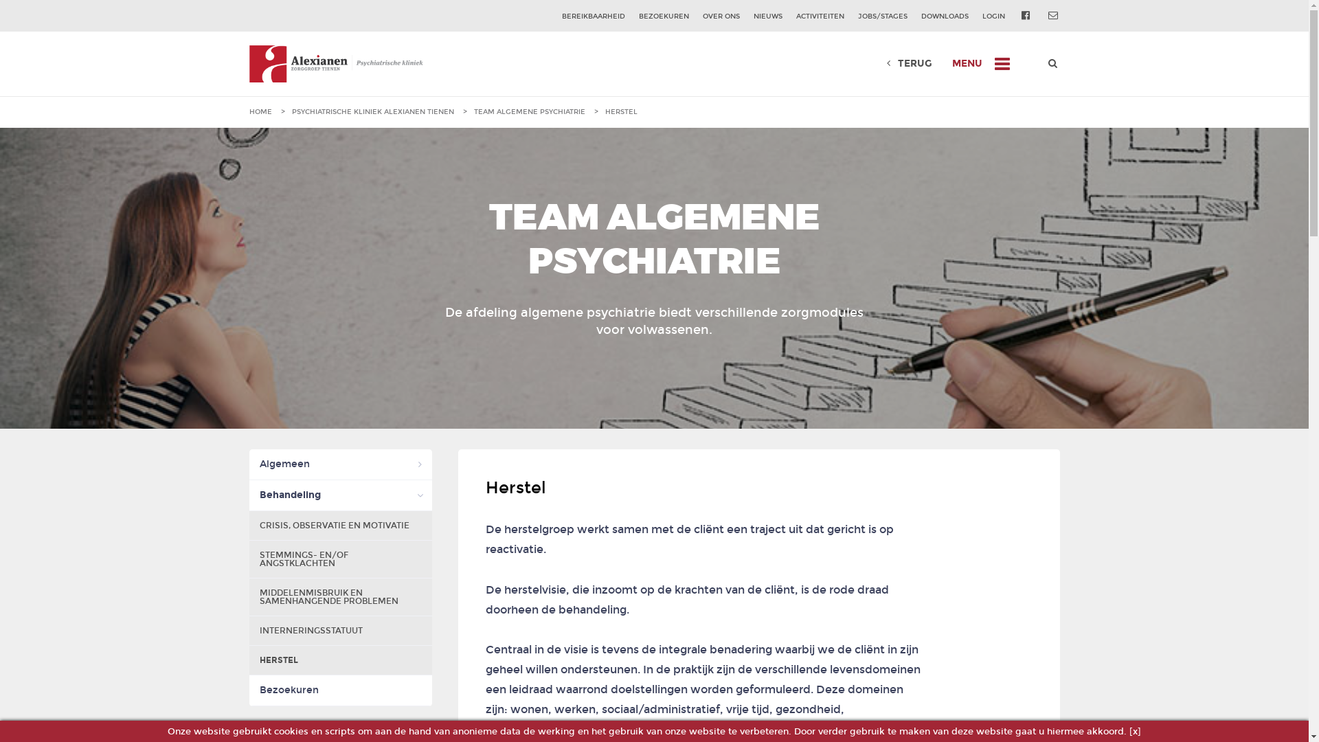 Image resolution: width=1319 pixels, height=742 pixels. Describe the element at coordinates (260, 111) in the screenshot. I see `'HOME'` at that location.